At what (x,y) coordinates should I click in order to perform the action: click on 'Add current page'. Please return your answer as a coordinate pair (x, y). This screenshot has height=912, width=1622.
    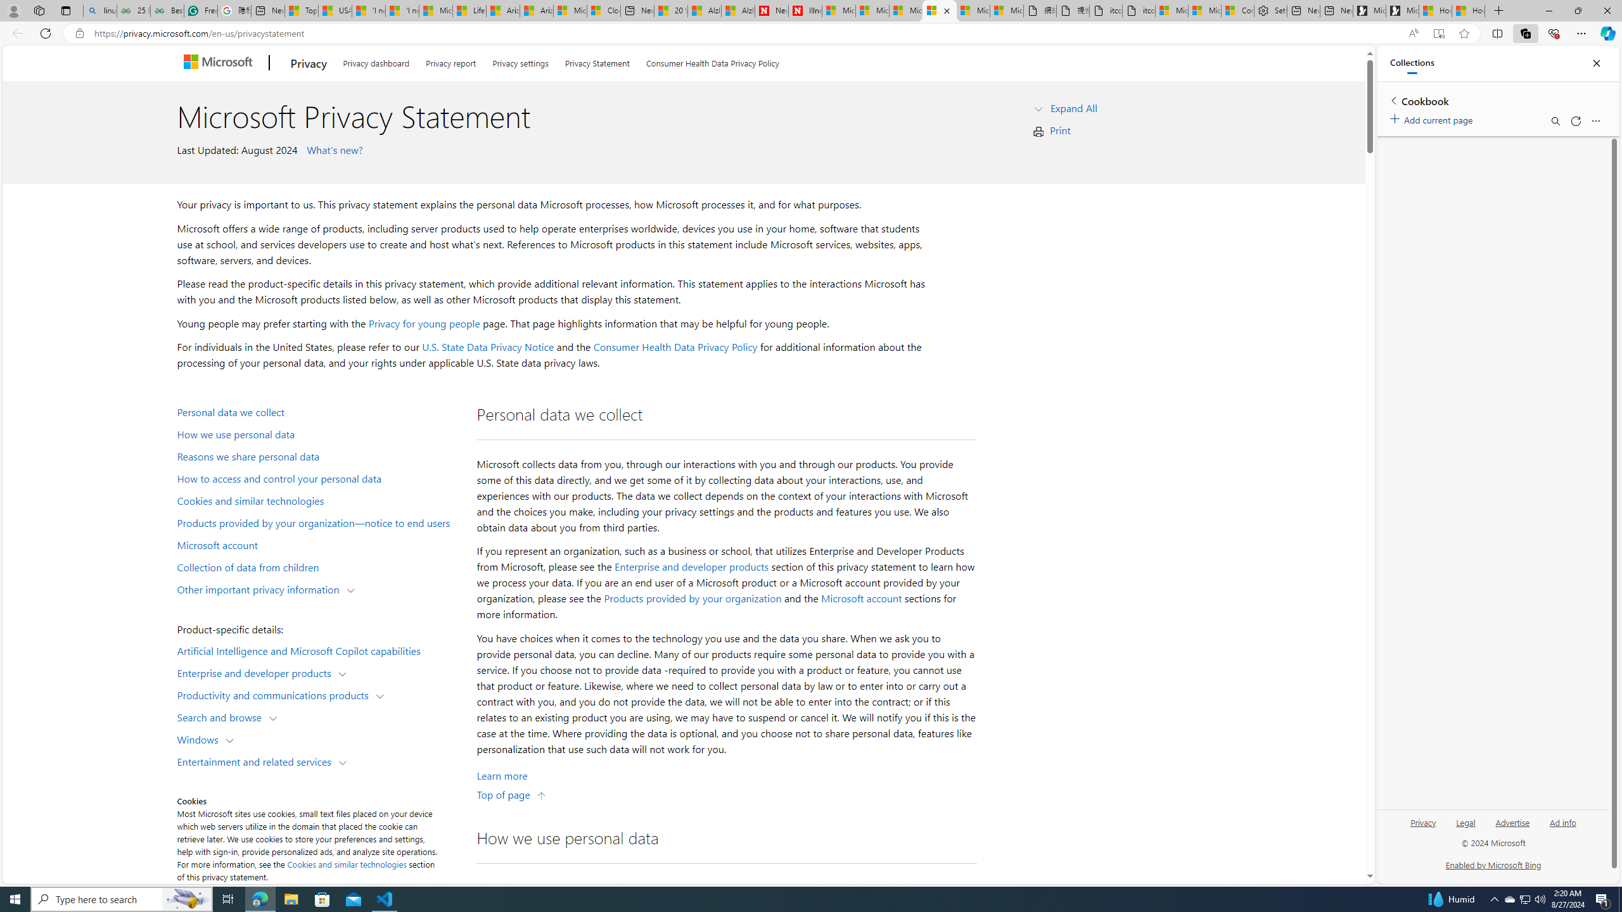
    Looking at the image, I should click on (1433, 117).